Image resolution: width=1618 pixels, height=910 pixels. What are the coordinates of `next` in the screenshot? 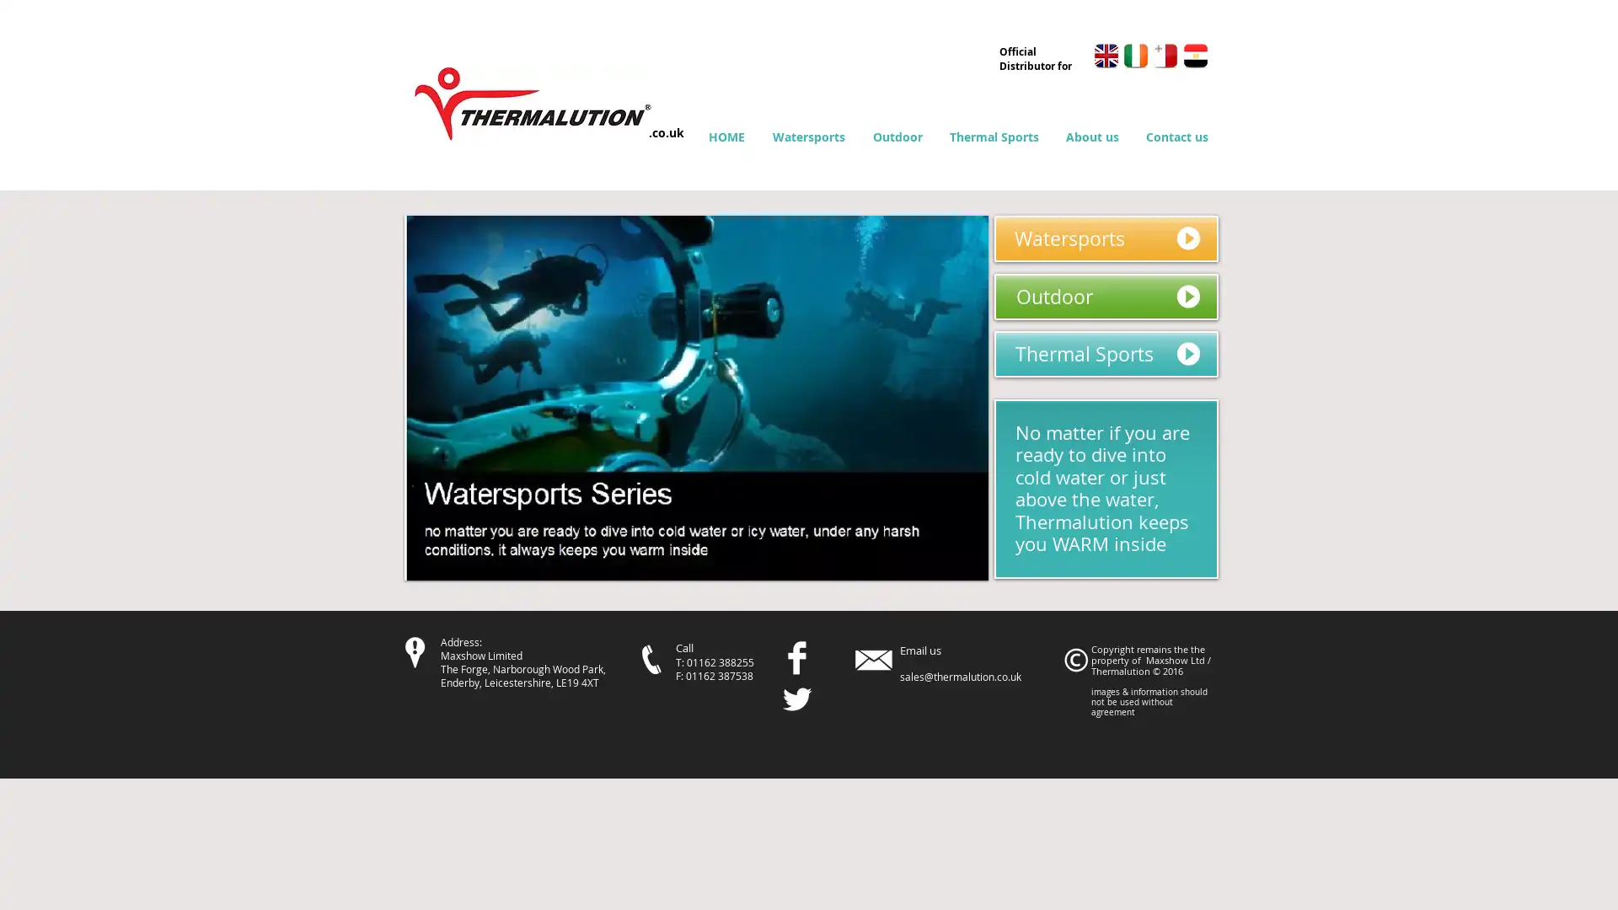 It's located at (952, 397).